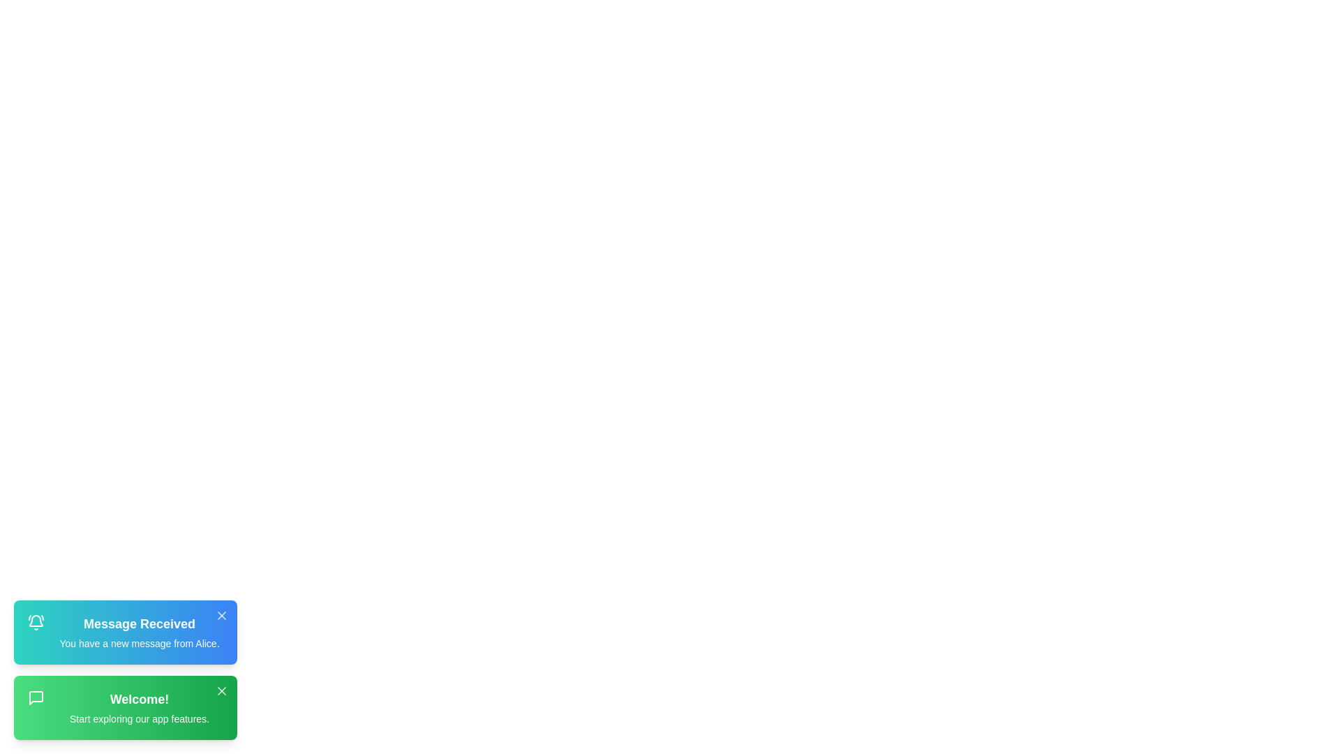 The image size is (1340, 754). What do you see at coordinates (221, 615) in the screenshot?
I see `close button on the snackbar with the title 'Message Received'` at bounding box center [221, 615].